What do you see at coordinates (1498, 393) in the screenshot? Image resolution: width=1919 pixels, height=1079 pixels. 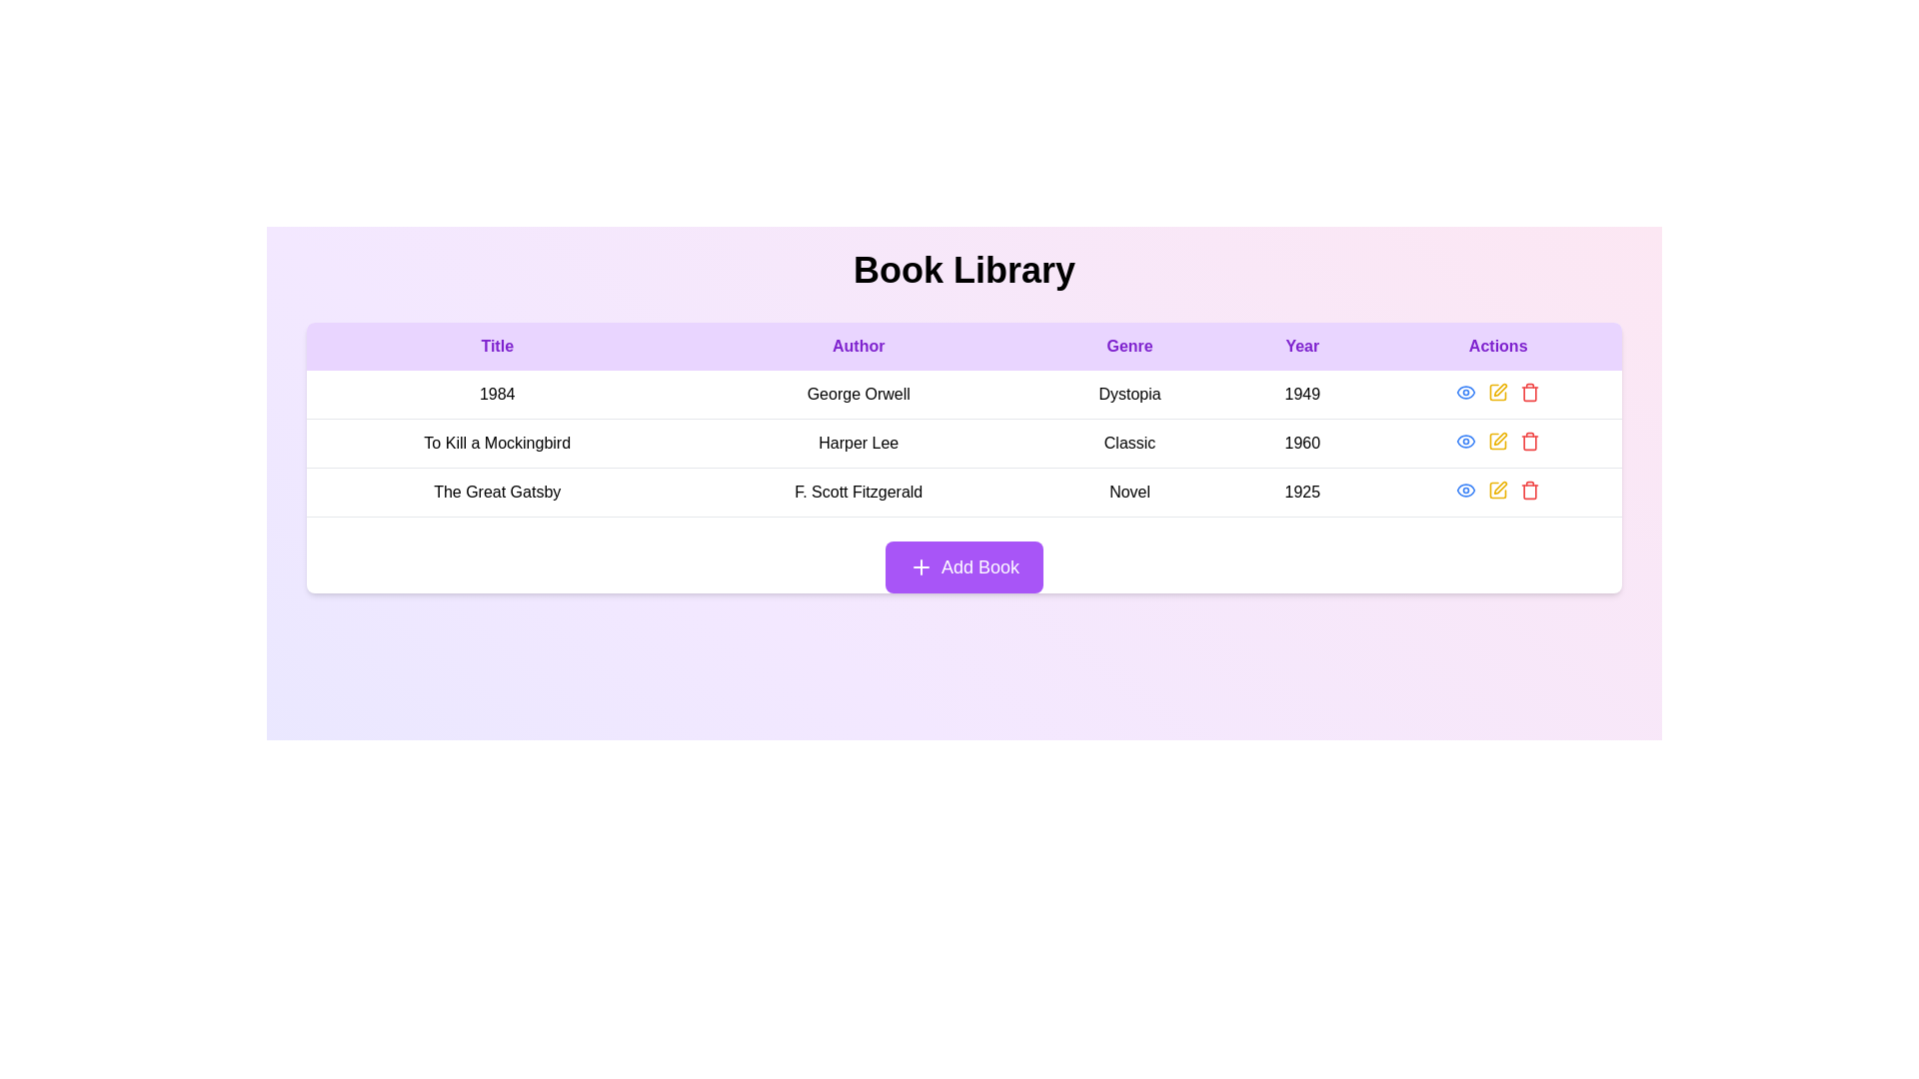 I see `the 'Edit' action button for the book '1984' by George Orwell located` at bounding box center [1498, 393].